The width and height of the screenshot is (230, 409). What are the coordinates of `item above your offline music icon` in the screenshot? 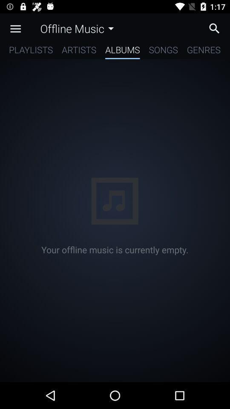 It's located at (30, 51).